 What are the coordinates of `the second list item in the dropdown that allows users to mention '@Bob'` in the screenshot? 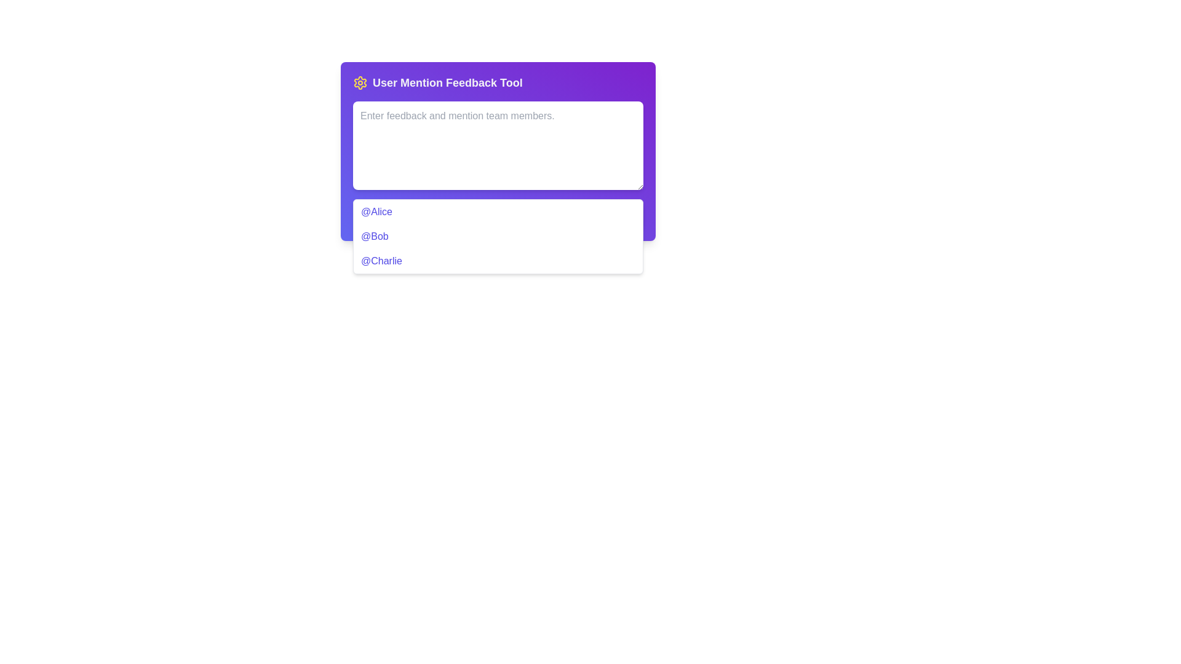 It's located at (498, 237).